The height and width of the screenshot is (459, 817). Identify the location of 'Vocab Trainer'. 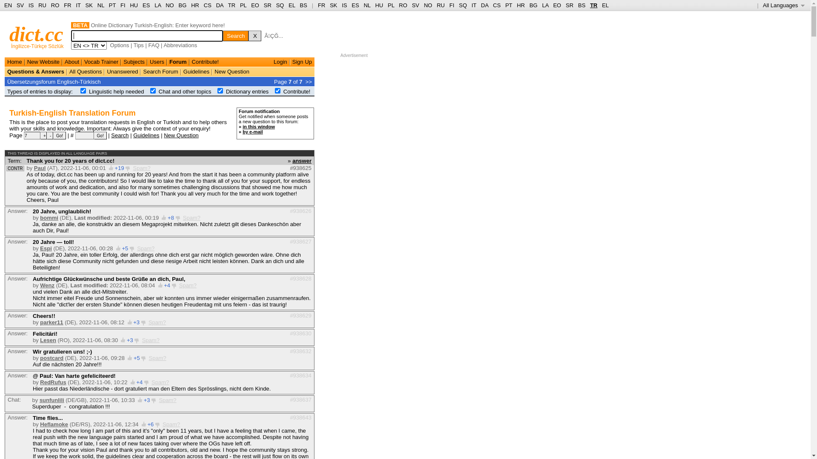
(101, 61).